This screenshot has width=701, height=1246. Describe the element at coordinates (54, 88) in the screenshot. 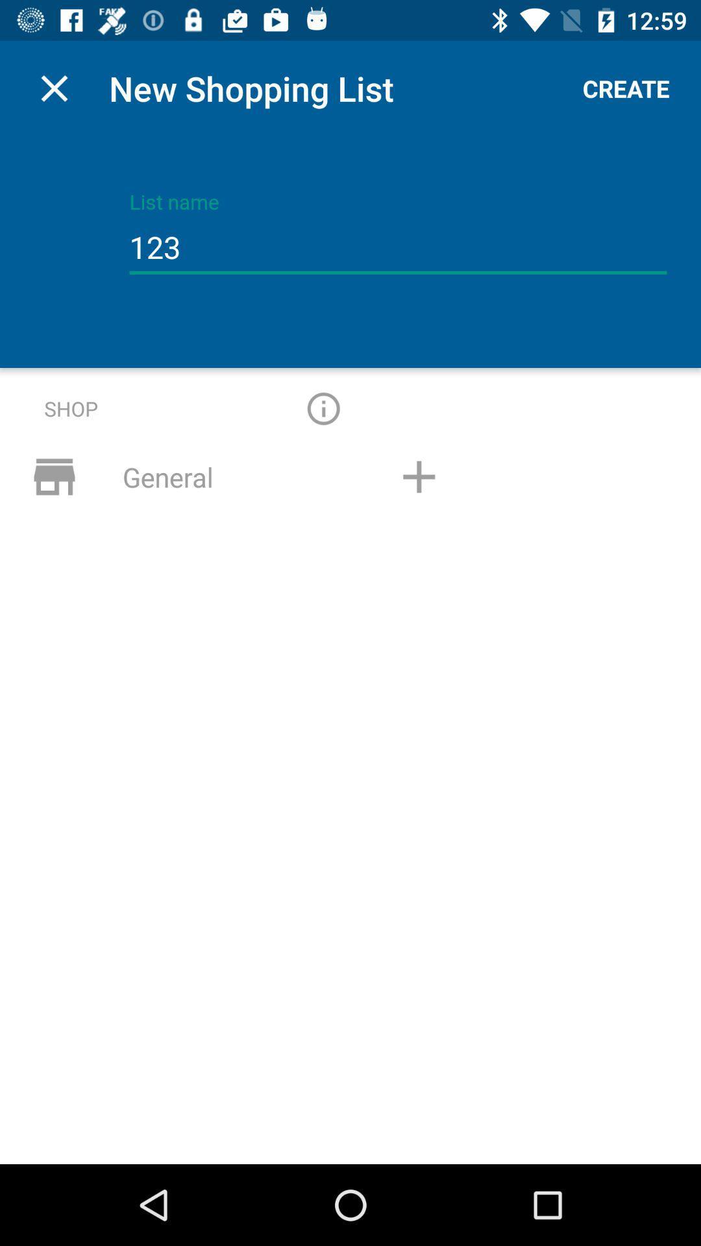

I see `exit shopping list` at that location.